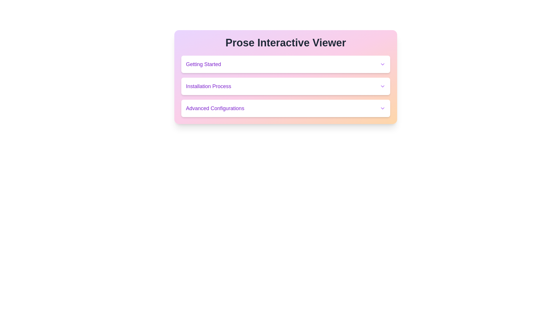 This screenshot has width=557, height=313. I want to click on the 'Getting Started' dropdown button, so click(285, 64).